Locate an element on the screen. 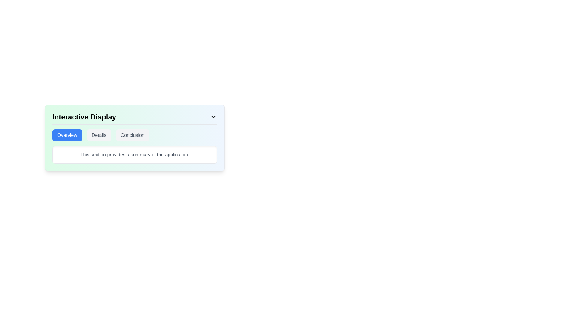  the 'Overview' button, which is the first button in the horizontal group under the 'Interactive Display' section is located at coordinates (67, 135).